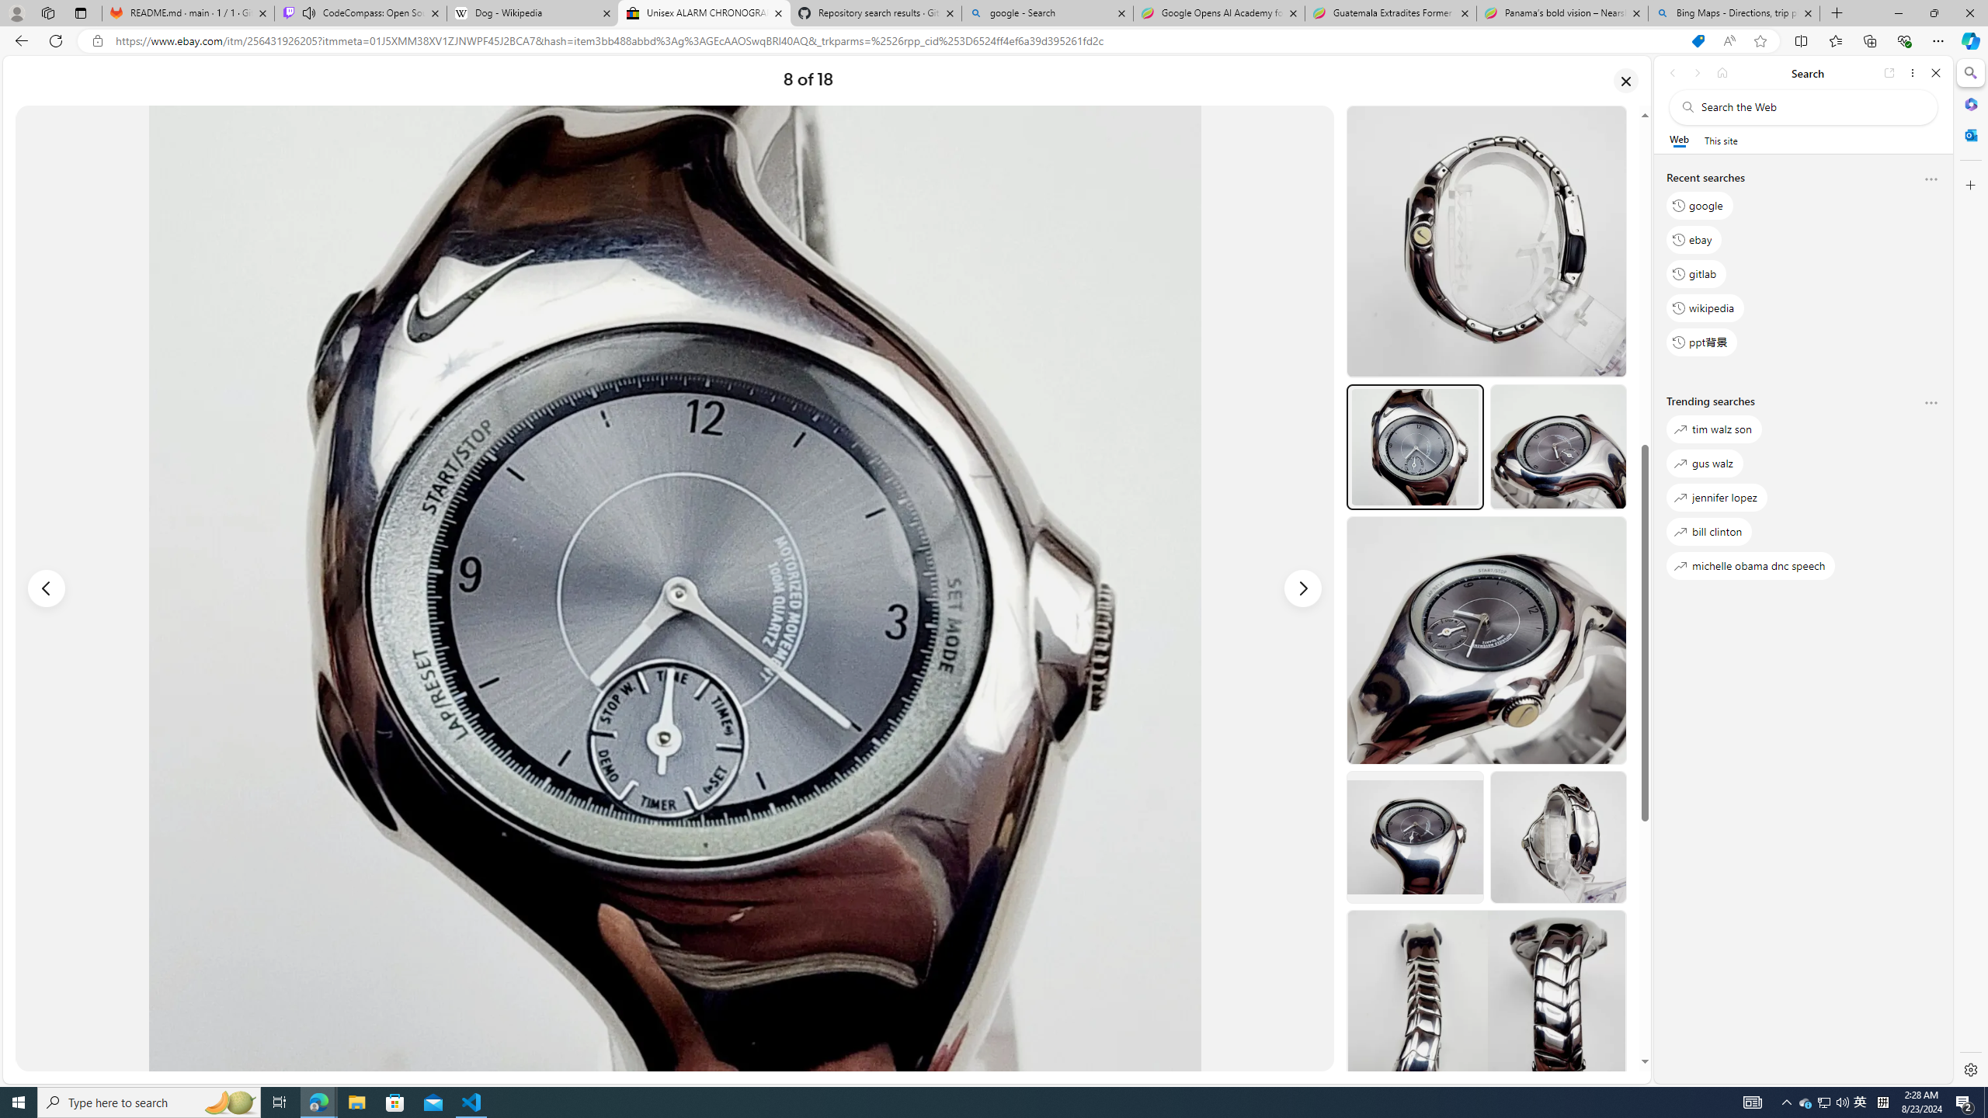  What do you see at coordinates (1889, 72) in the screenshot?
I see `'Open link in new tab'` at bounding box center [1889, 72].